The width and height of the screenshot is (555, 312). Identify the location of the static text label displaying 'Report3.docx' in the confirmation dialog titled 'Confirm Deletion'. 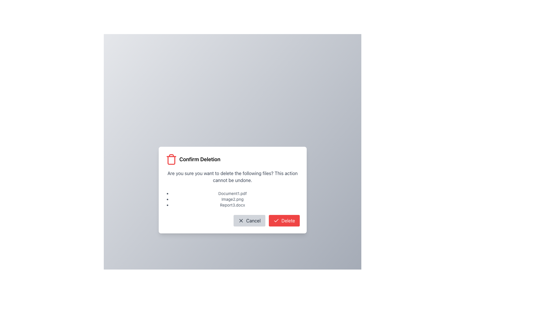
(232, 205).